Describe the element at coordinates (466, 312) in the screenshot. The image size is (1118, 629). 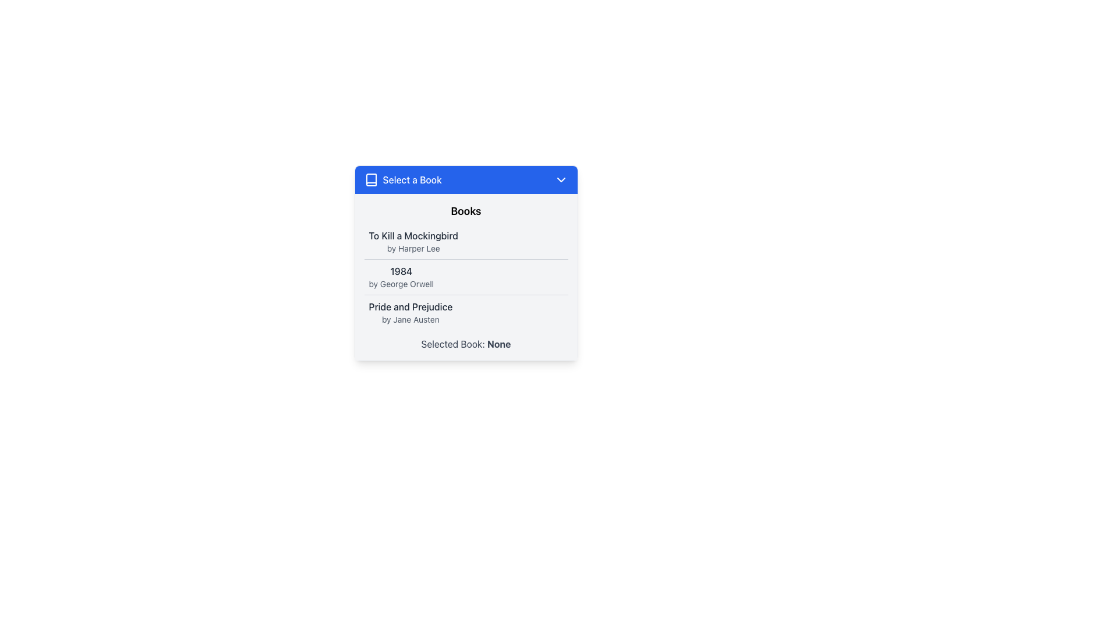
I see `the list item displaying 'Pride and Prejudice' by Jane Austen` at that location.